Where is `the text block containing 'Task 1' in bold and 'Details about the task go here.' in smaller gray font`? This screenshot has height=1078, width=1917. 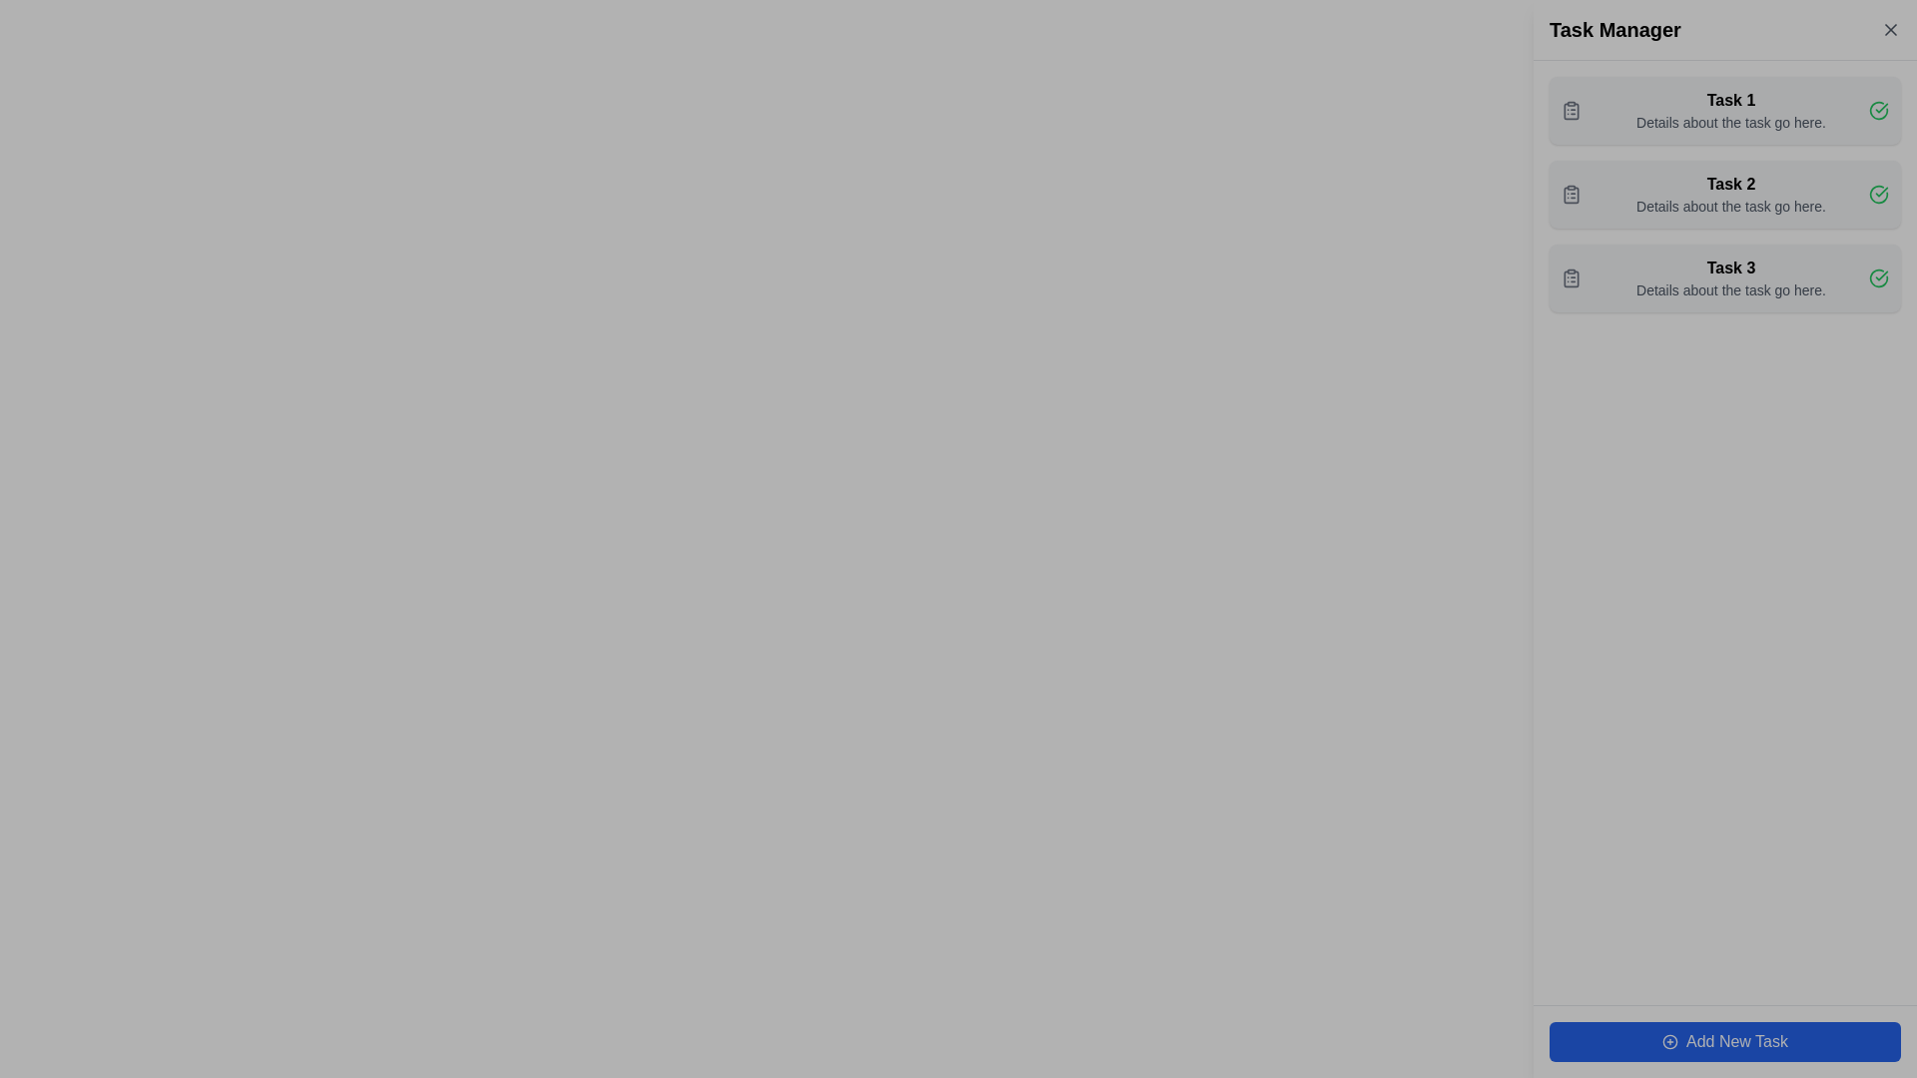 the text block containing 'Task 1' in bold and 'Details about the task go here.' in smaller gray font is located at coordinates (1729, 111).